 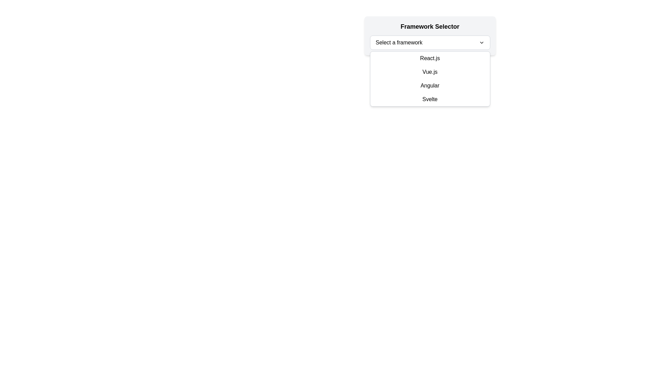 I want to click on to select the dropdown menu item containing the text 'Angular', which is the third item in the dropdown list, so click(x=429, y=85).